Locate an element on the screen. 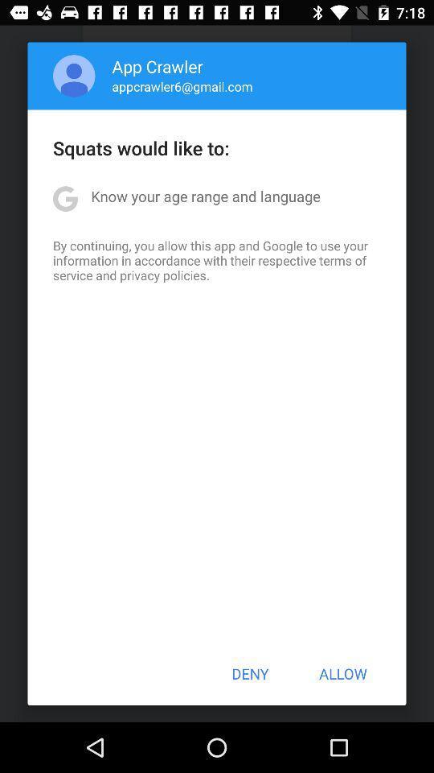  item next to app crawler is located at coordinates (73, 76).